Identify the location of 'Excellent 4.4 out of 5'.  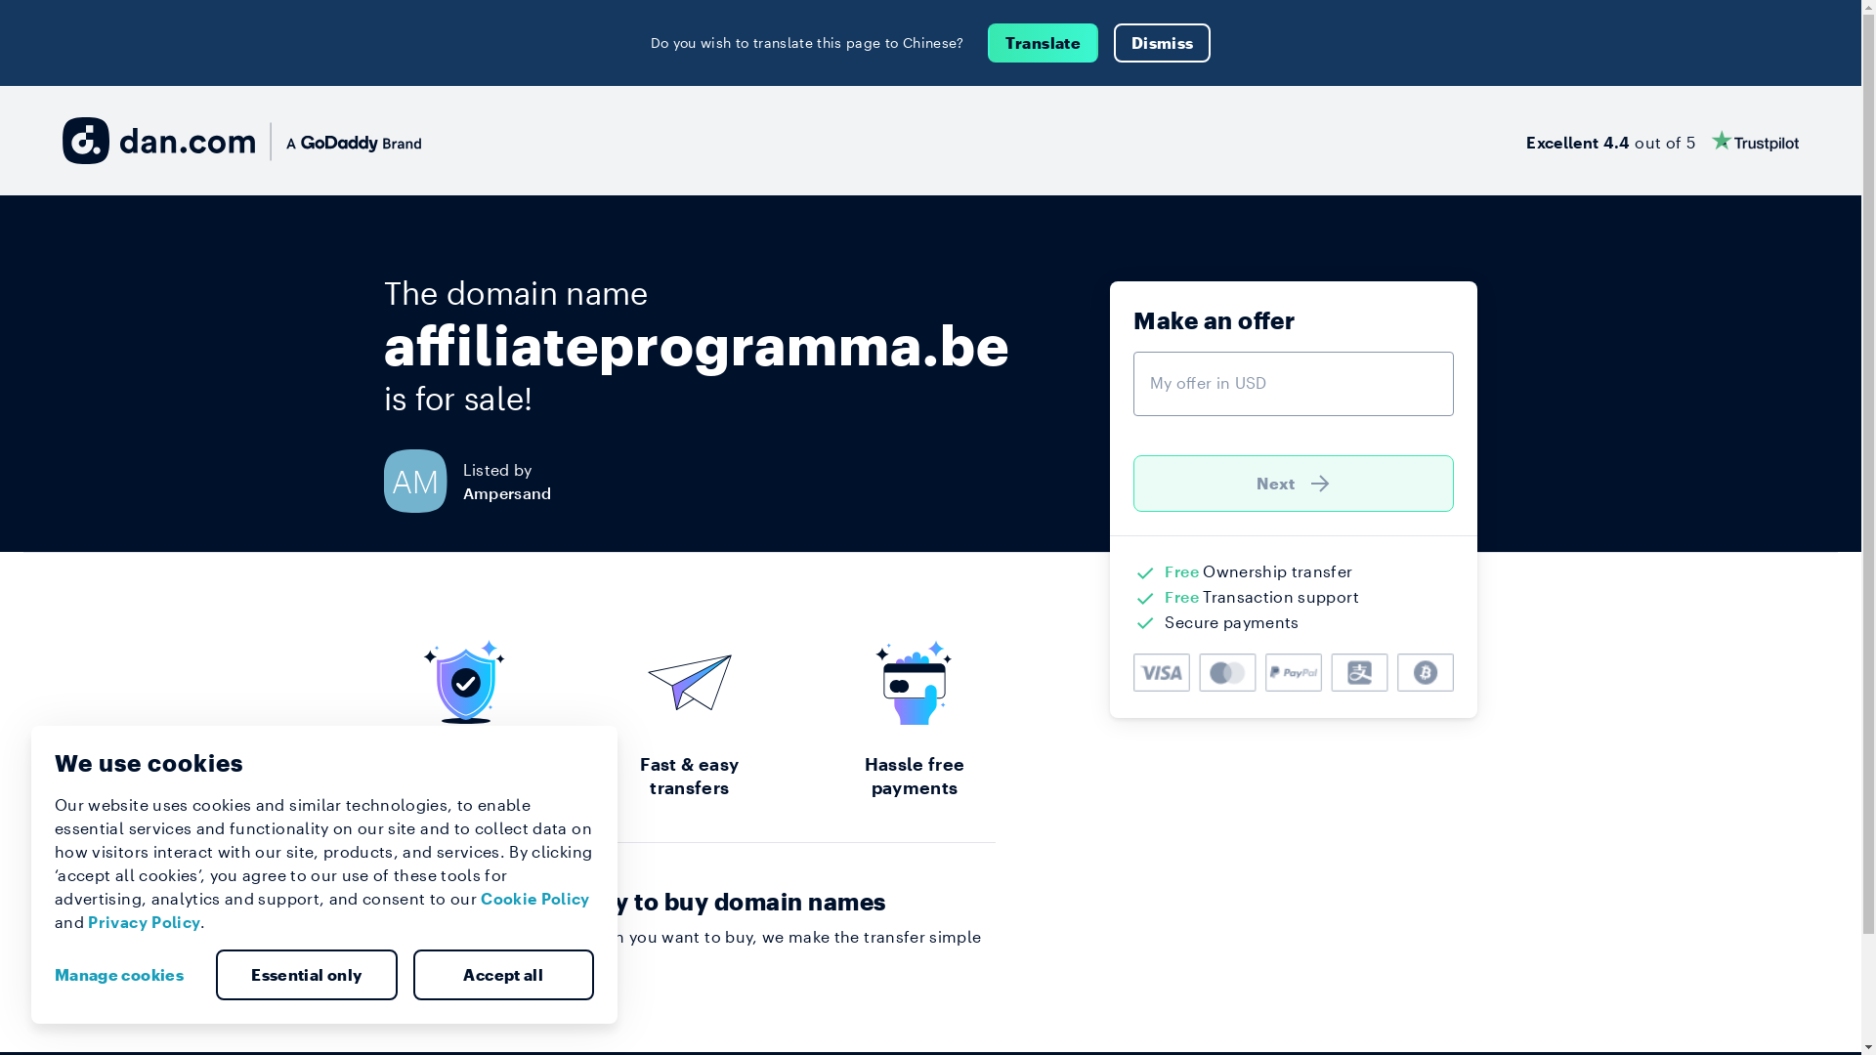
(1661, 139).